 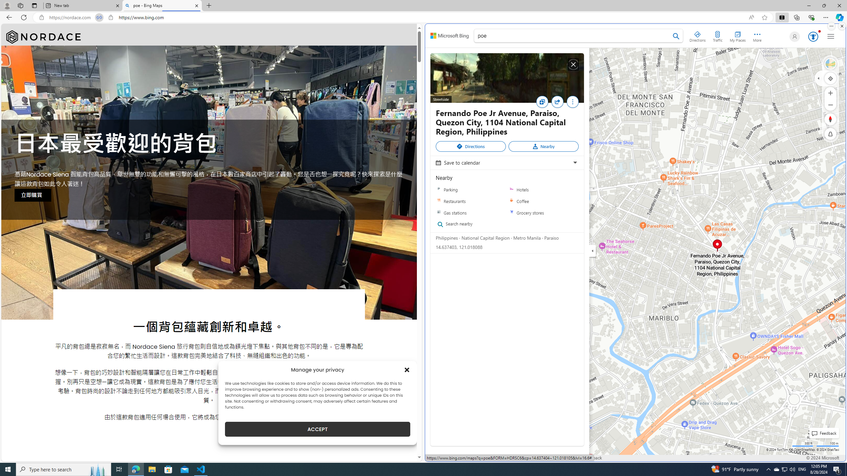 I want to click on 'ACCEPT', so click(x=317, y=429).